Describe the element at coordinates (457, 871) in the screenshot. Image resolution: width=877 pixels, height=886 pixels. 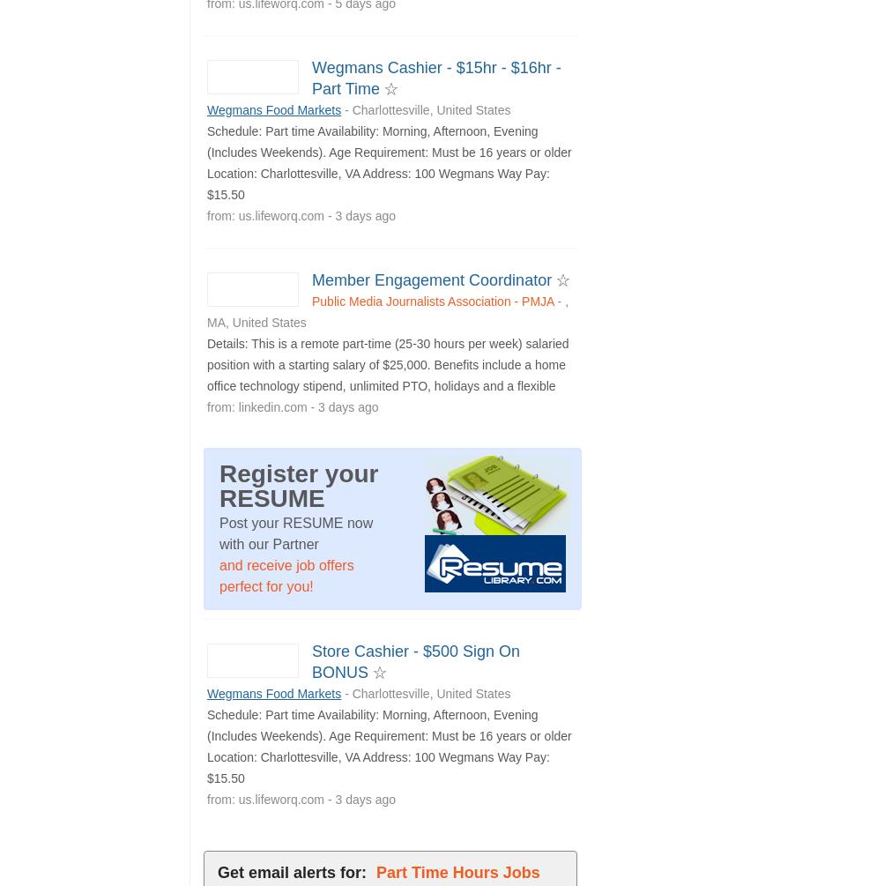
I see `'Part Time Hours Jobs'` at that location.